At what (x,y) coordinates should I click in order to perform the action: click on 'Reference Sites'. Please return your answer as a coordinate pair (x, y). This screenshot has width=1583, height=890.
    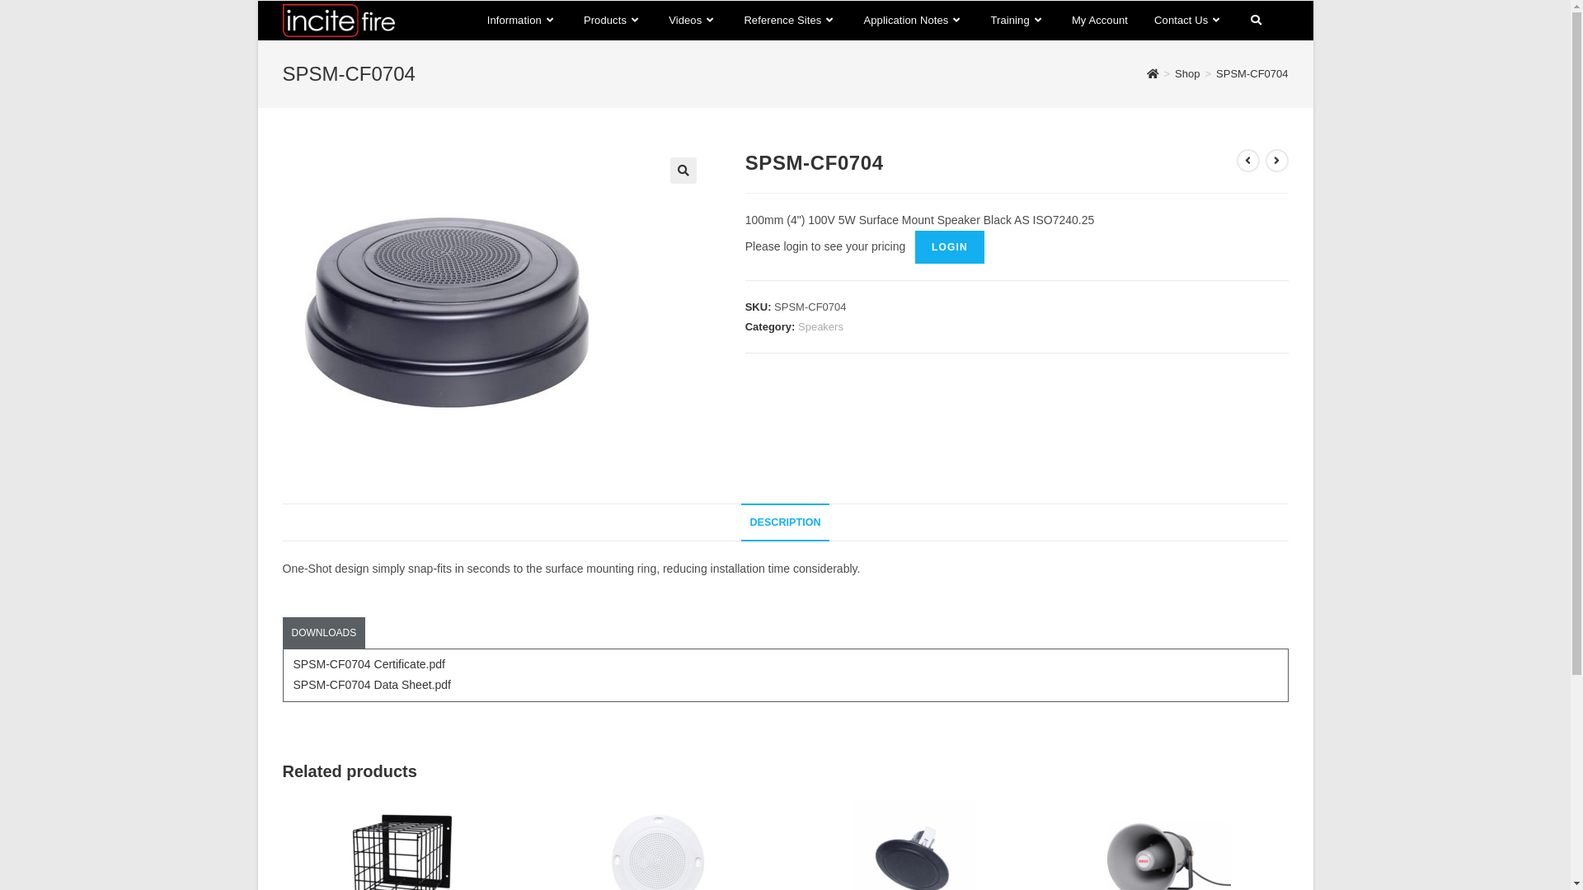
    Looking at the image, I should click on (789, 20).